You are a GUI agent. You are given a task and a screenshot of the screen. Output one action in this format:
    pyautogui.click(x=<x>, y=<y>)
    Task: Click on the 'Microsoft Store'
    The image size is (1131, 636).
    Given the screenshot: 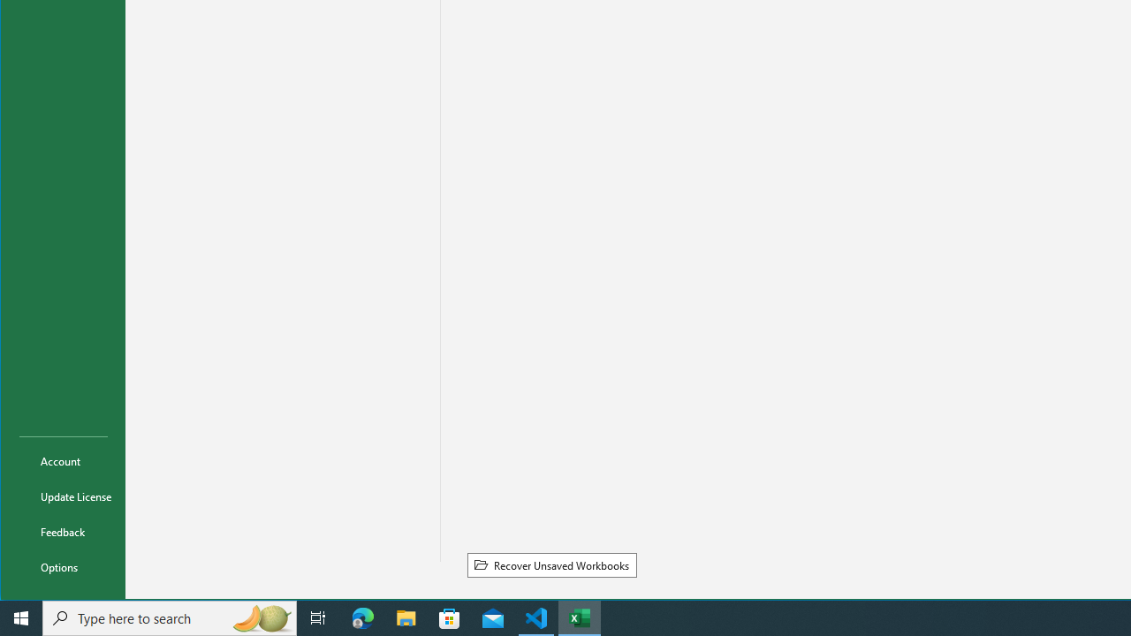 What is the action you would take?
    pyautogui.click(x=450, y=617)
    